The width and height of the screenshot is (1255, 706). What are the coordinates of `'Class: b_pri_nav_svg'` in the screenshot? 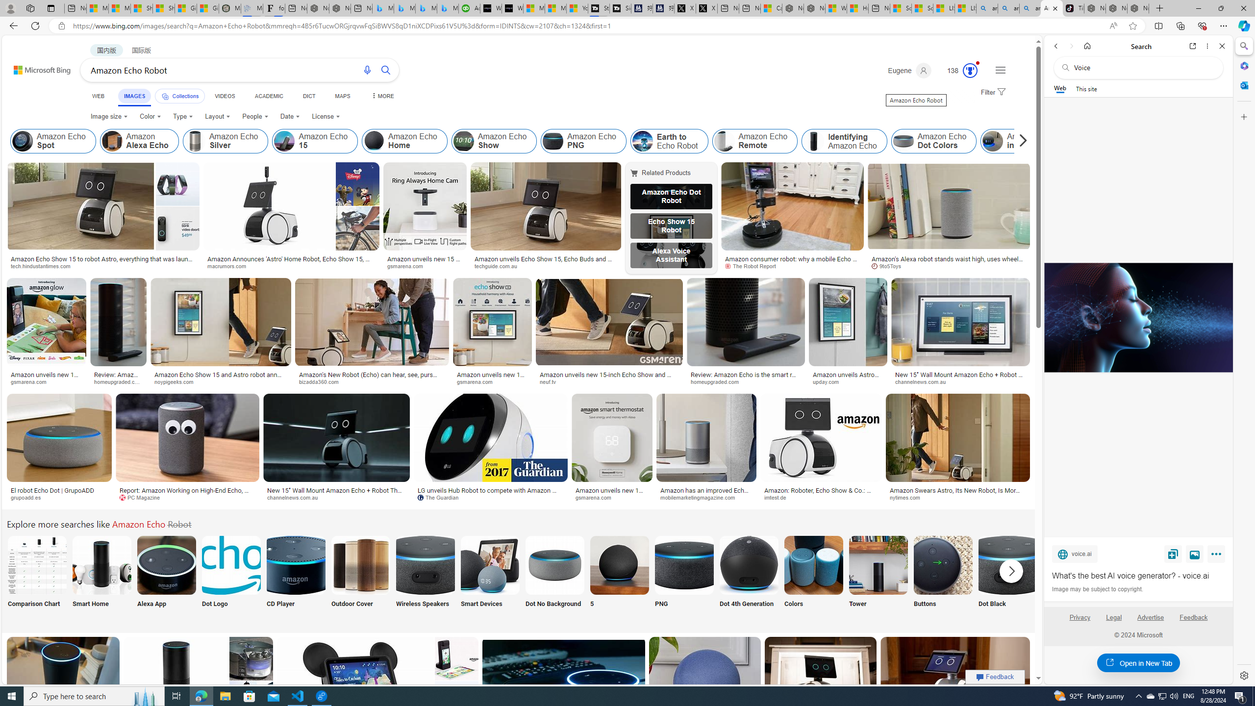 It's located at (165, 96).